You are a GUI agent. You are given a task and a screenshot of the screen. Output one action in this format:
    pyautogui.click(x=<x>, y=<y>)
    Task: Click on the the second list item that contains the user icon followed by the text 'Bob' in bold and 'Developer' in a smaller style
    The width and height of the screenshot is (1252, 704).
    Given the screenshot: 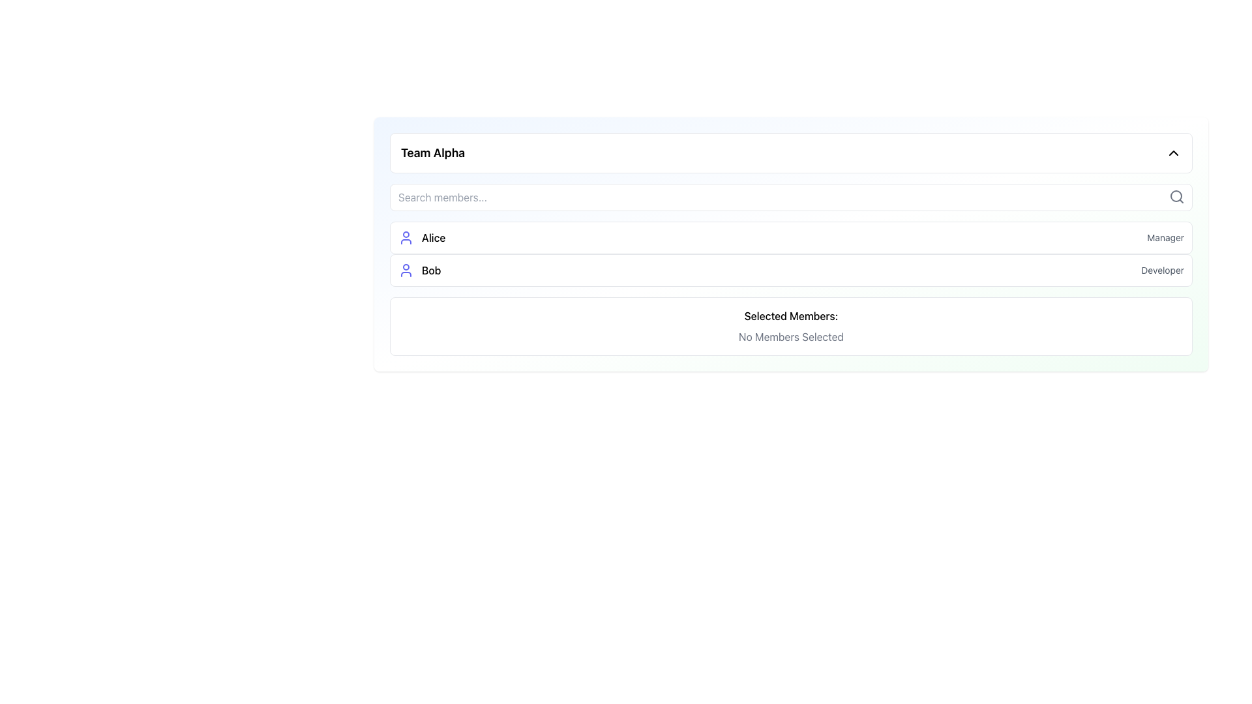 What is the action you would take?
    pyautogui.click(x=790, y=270)
    